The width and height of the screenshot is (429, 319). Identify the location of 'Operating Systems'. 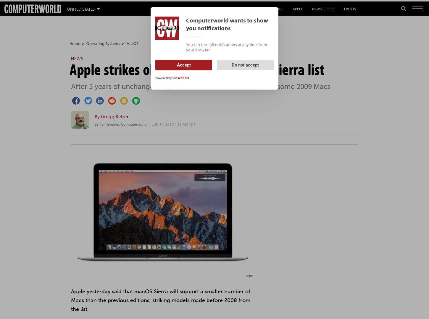
(86, 43).